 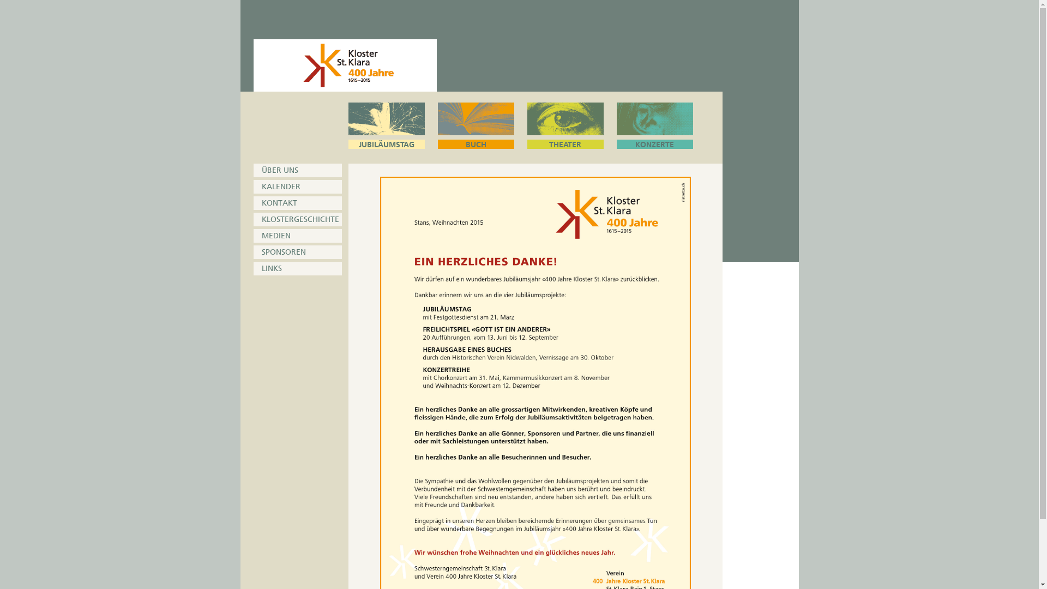 I want to click on 'LINKS', so click(x=297, y=268).